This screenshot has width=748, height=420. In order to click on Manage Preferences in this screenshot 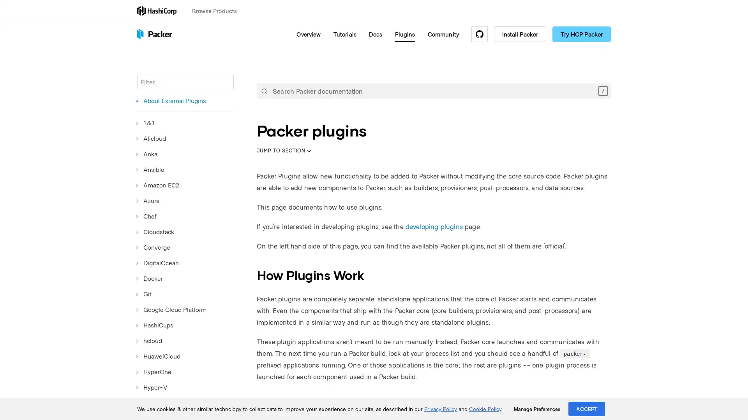, I will do `click(536, 409)`.